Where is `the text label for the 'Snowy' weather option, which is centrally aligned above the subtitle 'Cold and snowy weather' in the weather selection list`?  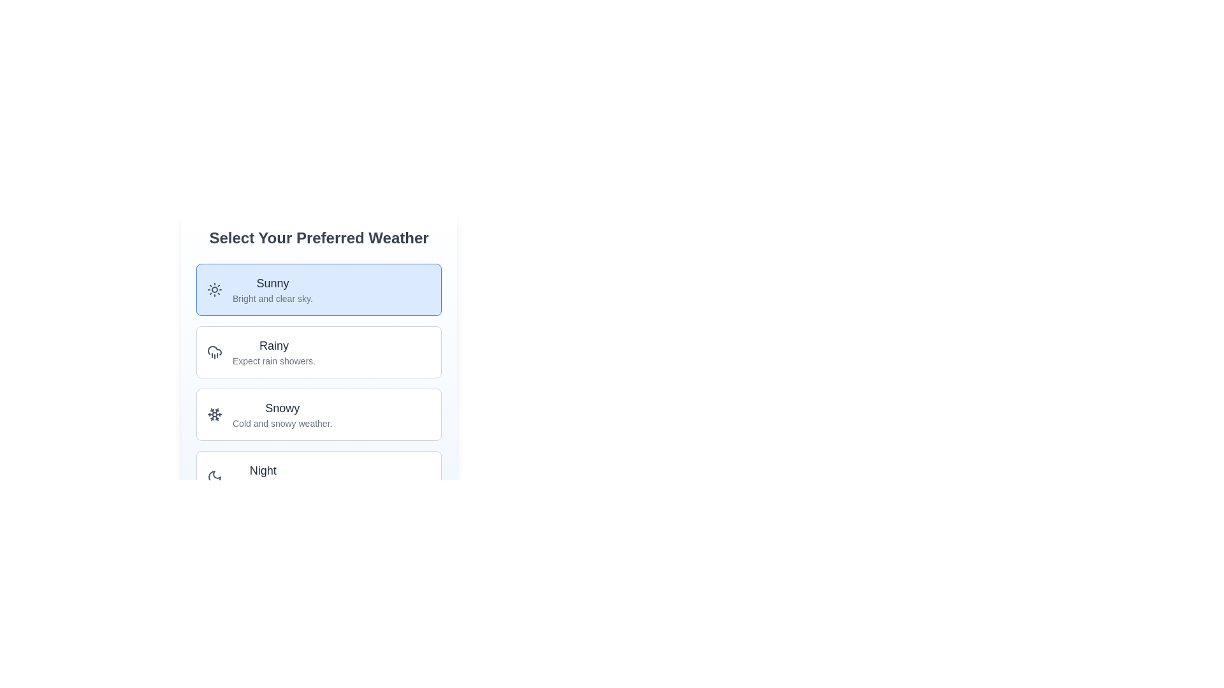
the text label for the 'Snowy' weather option, which is centrally aligned above the subtitle 'Cold and snowy weather' in the weather selection list is located at coordinates (282, 408).